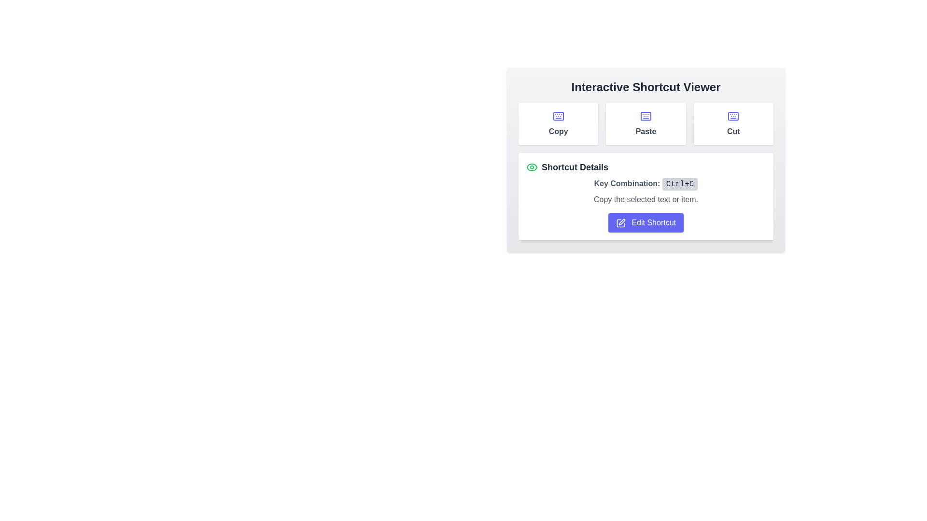 The image size is (927, 521). What do you see at coordinates (733, 132) in the screenshot?
I see `the 'Cut' text label, which is styled in bold dark gray and located within a white card segment as the third item in a horizontal list of options` at bounding box center [733, 132].